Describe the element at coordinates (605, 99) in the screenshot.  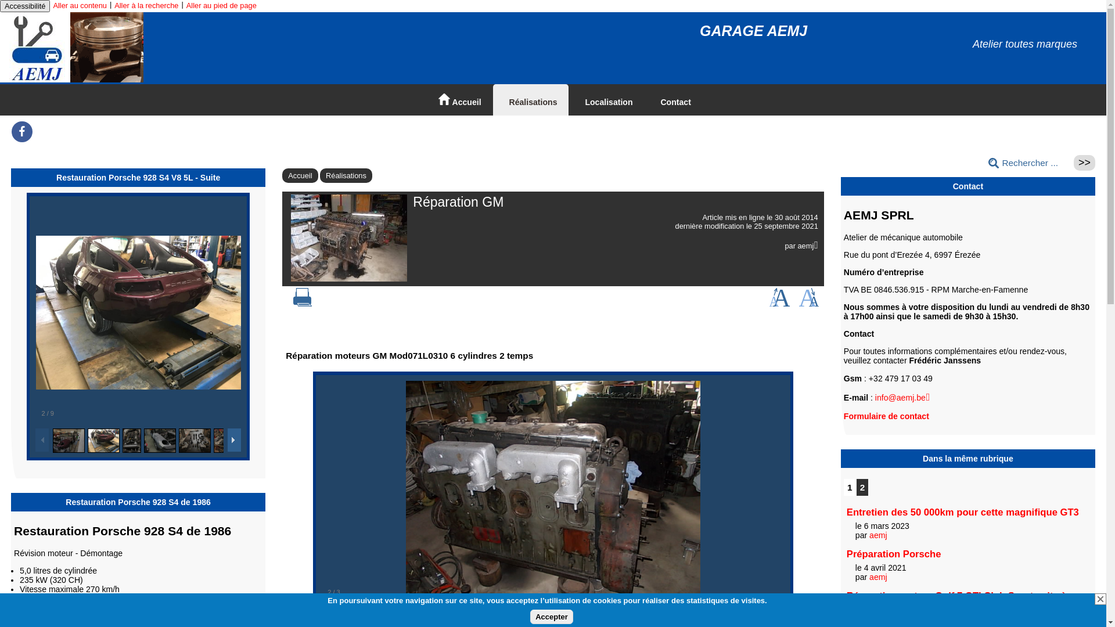
I see `'Localisation'` at that location.